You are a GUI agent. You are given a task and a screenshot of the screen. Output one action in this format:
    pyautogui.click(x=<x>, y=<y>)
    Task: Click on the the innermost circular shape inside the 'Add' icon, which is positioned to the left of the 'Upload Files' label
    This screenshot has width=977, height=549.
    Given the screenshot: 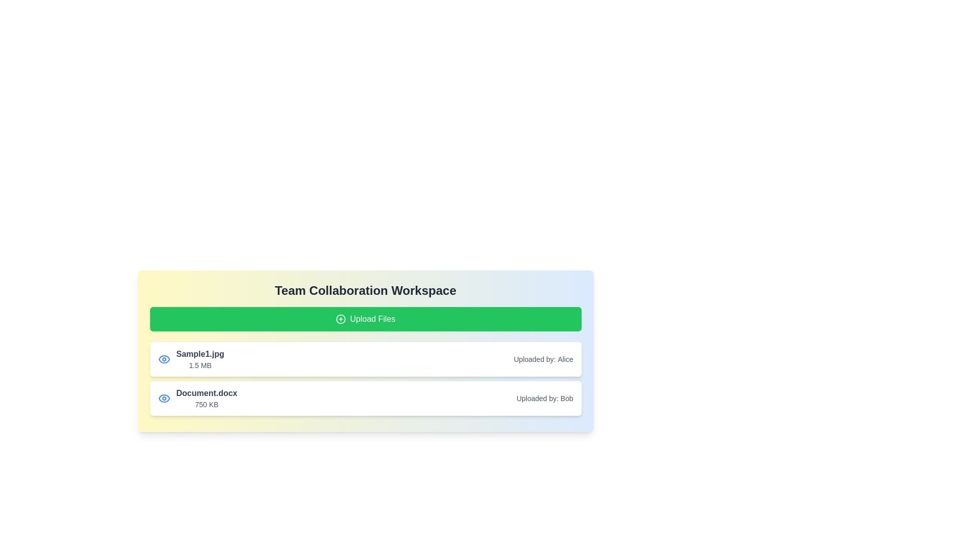 What is the action you would take?
    pyautogui.click(x=341, y=319)
    